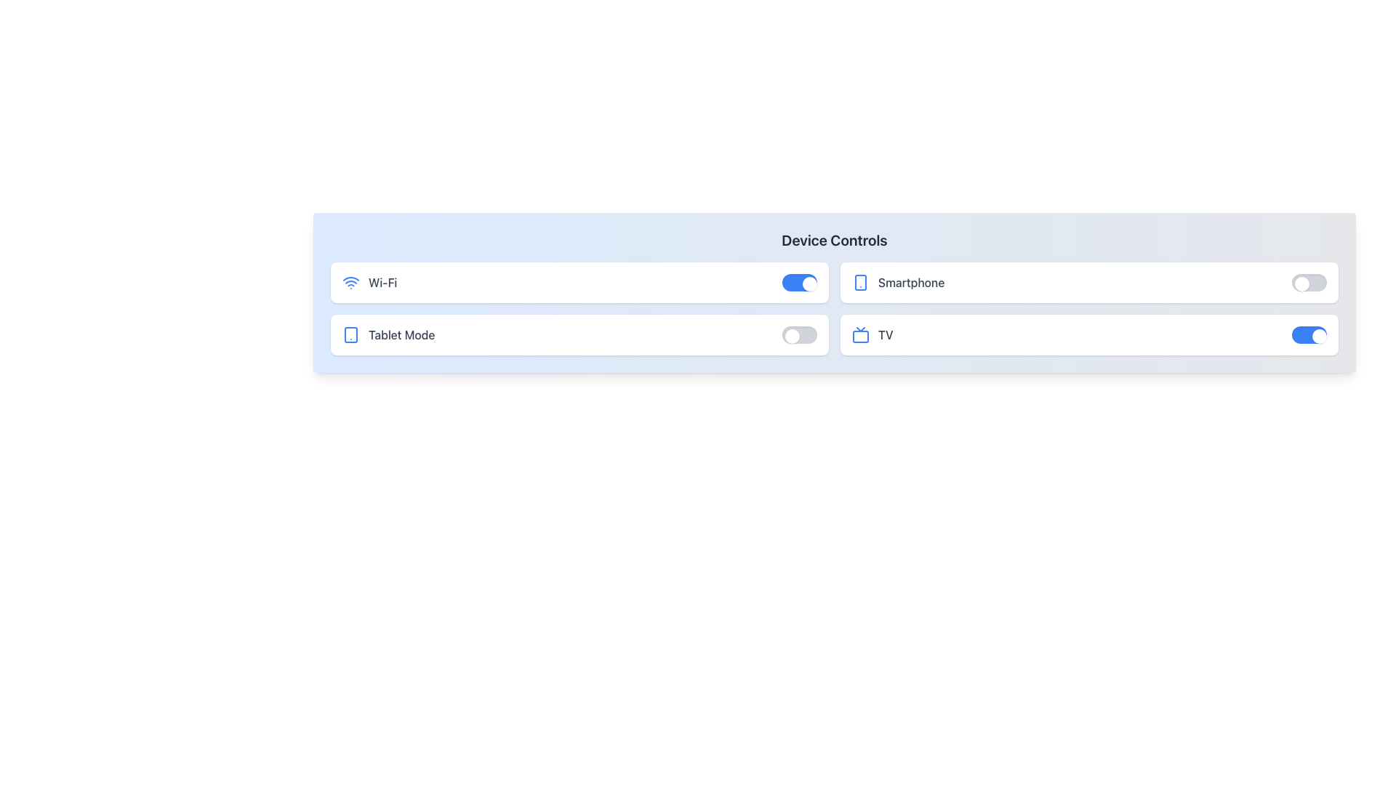 This screenshot has height=785, width=1396. I want to click on the body part of the smartphone icon located next to the 'Smartphone' label in the interface, so click(861, 283).